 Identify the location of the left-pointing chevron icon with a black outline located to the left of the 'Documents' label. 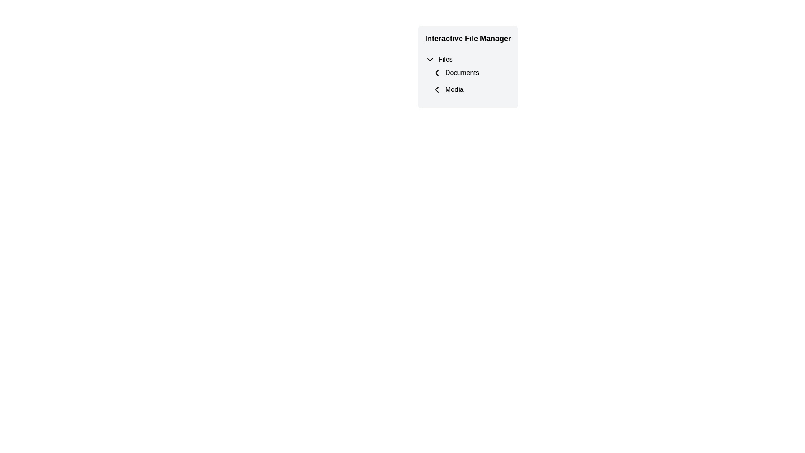
(436, 72).